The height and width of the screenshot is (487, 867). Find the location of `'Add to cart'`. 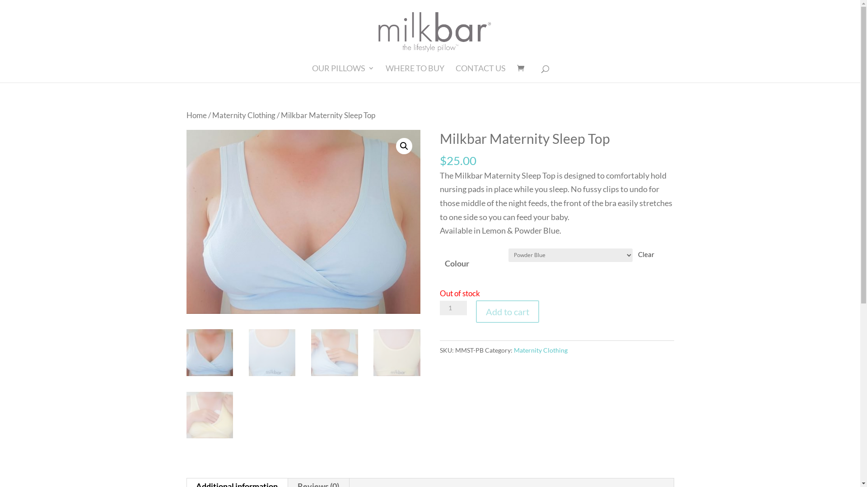

'Add to cart' is located at coordinates (475, 311).